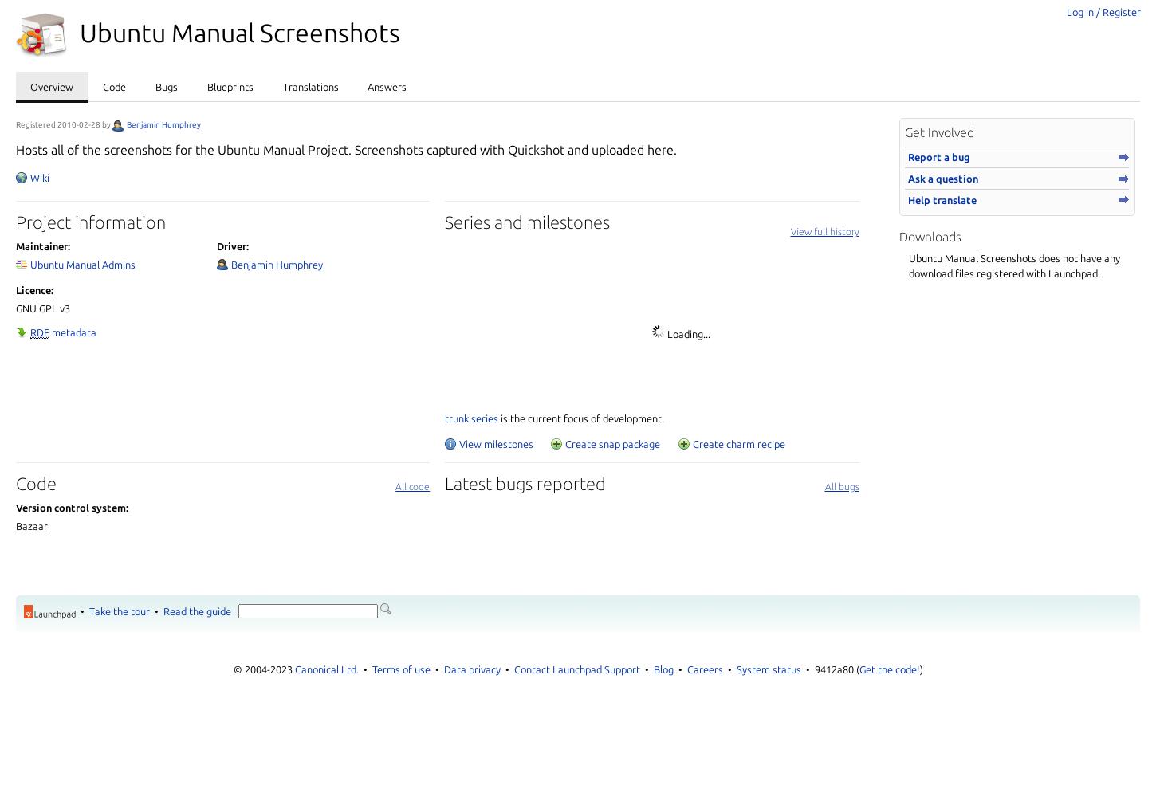 This screenshot has height=797, width=1156. Describe the element at coordinates (937, 156) in the screenshot. I see `'Report a bug'` at that location.